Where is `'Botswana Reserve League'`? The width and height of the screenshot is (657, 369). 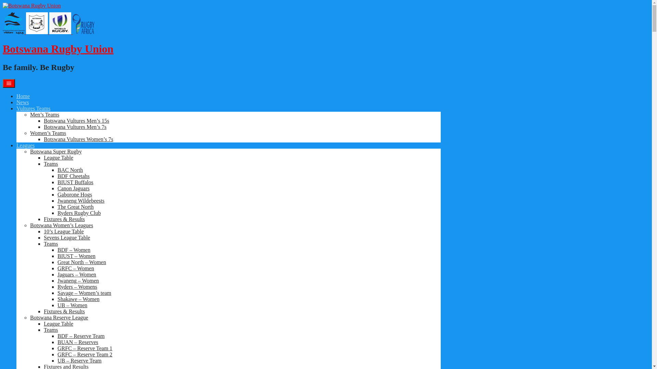
'Botswana Reserve League' is located at coordinates (29, 317).